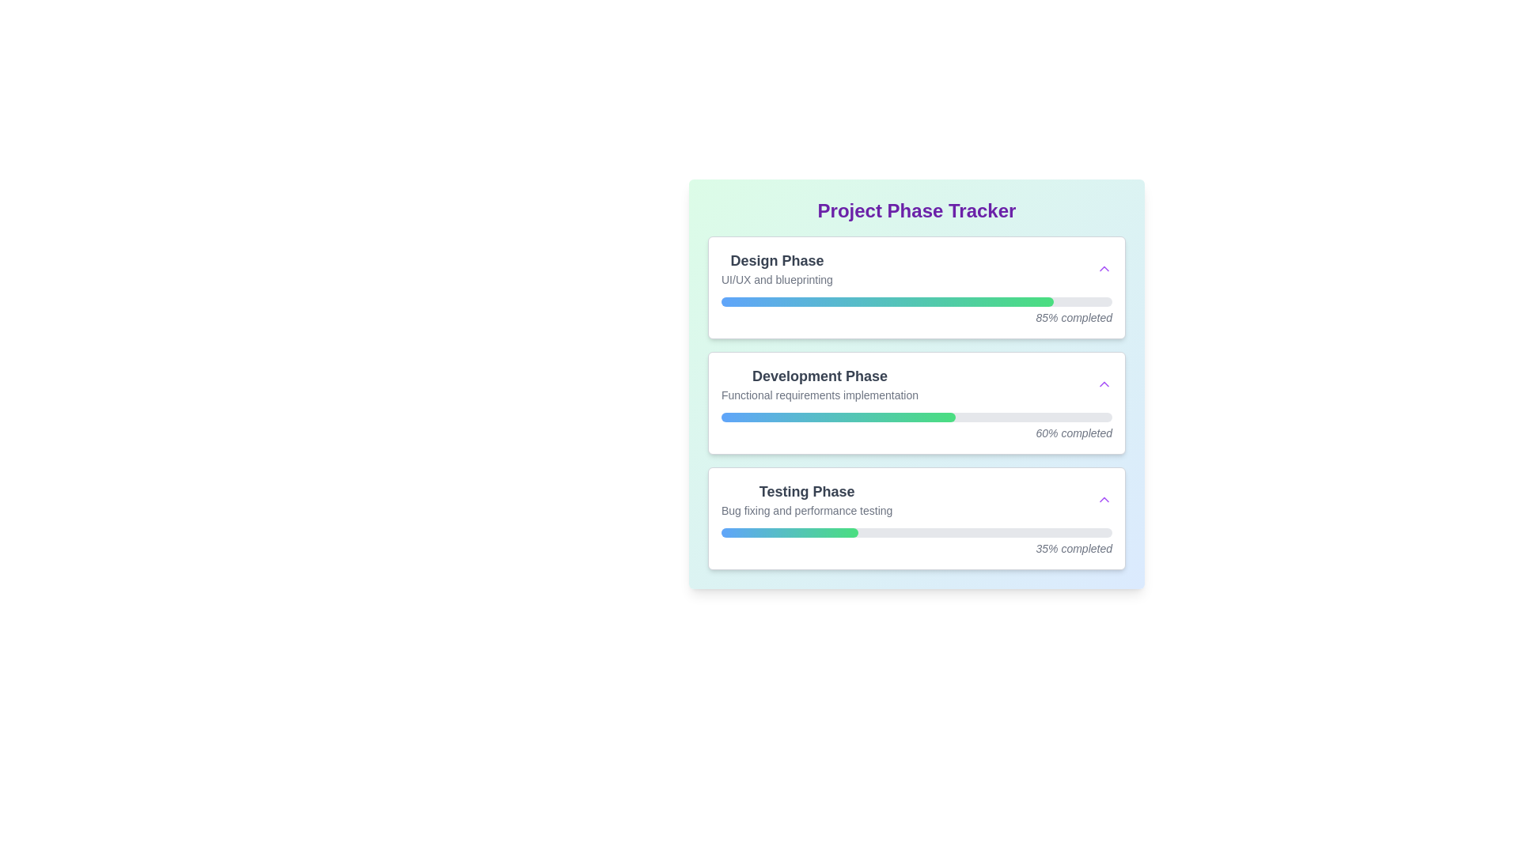  I want to click on texts displayed in the title and subtitle block that describes the 'Development Phase' and 'Functional requirements implementation' located in the second card from the top, so click(916, 384).